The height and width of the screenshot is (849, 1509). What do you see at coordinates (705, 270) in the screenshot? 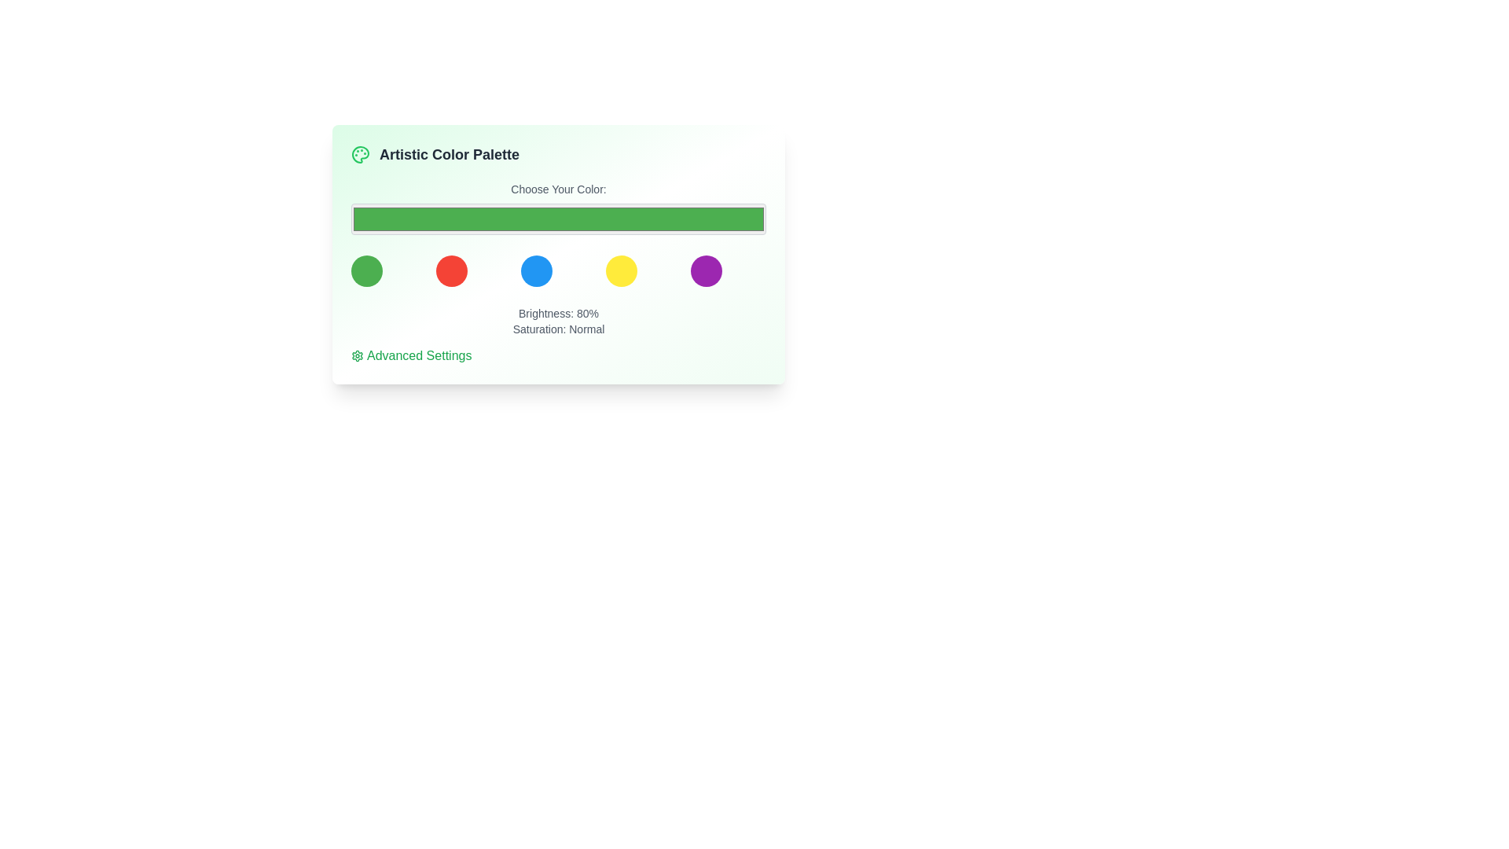
I see `the circular button with a purple background, which is the fifth in a row of five selections below 'Choose Your Color:'` at bounding box center [705, 270].